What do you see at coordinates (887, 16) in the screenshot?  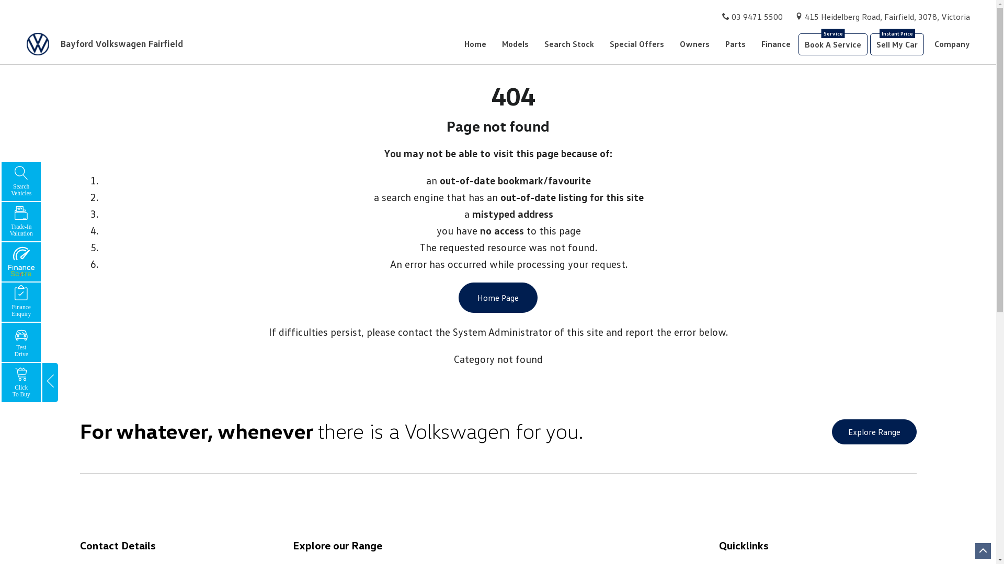 I see `'415 Heidelberg Road, Fairfield, 3078, Victoria'` at bounding box center [887, 16].